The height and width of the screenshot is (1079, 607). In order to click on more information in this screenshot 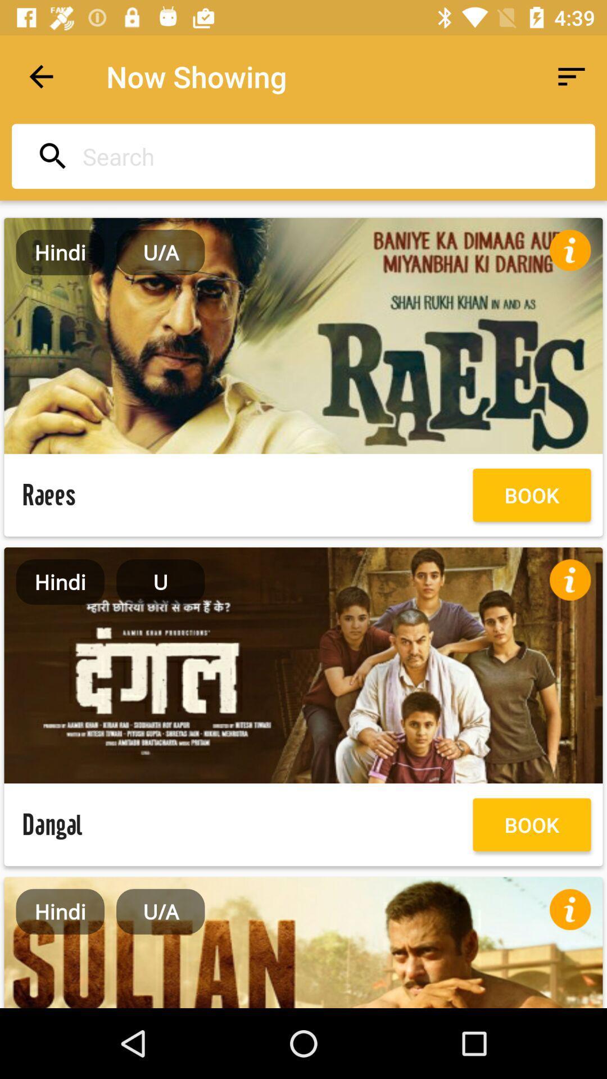, I will do `click(570, 909)`.